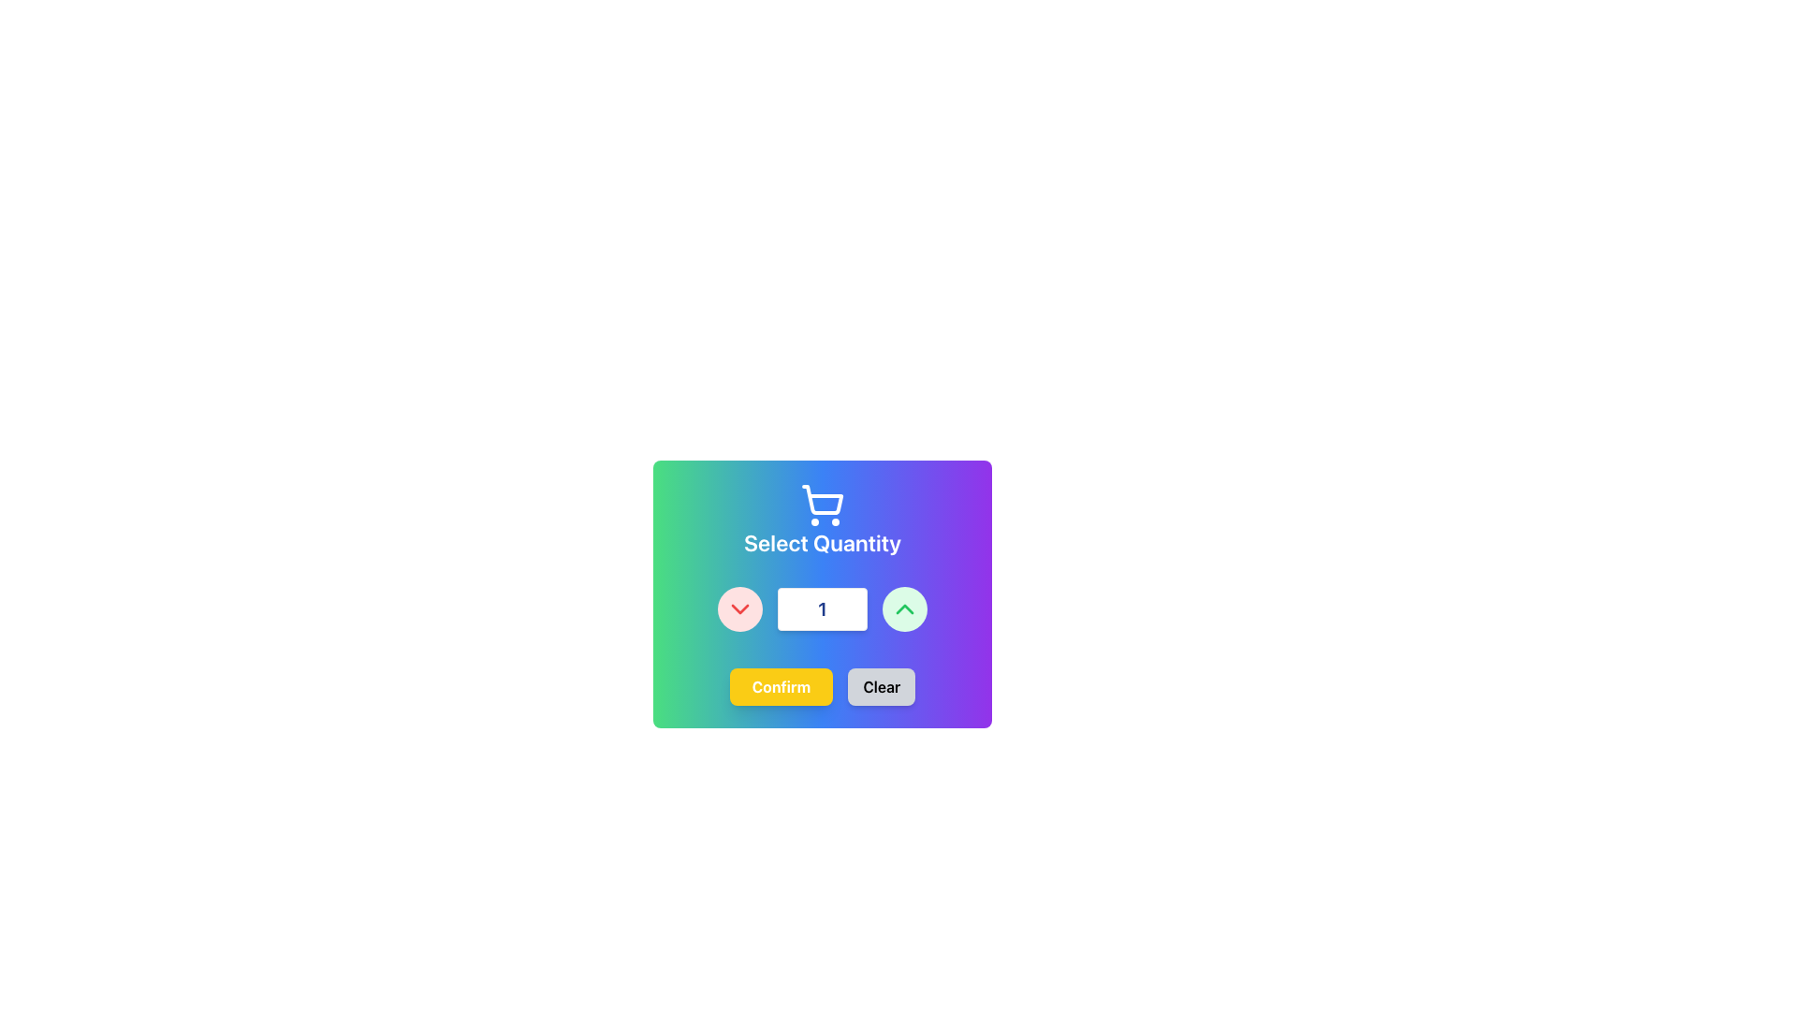 The width and height of the screenshot is (1797, 1011). I want to click on the read-only input field displaying the current quantity, located between two interactive circular buttons with chevron symbols, so click(822, 609).